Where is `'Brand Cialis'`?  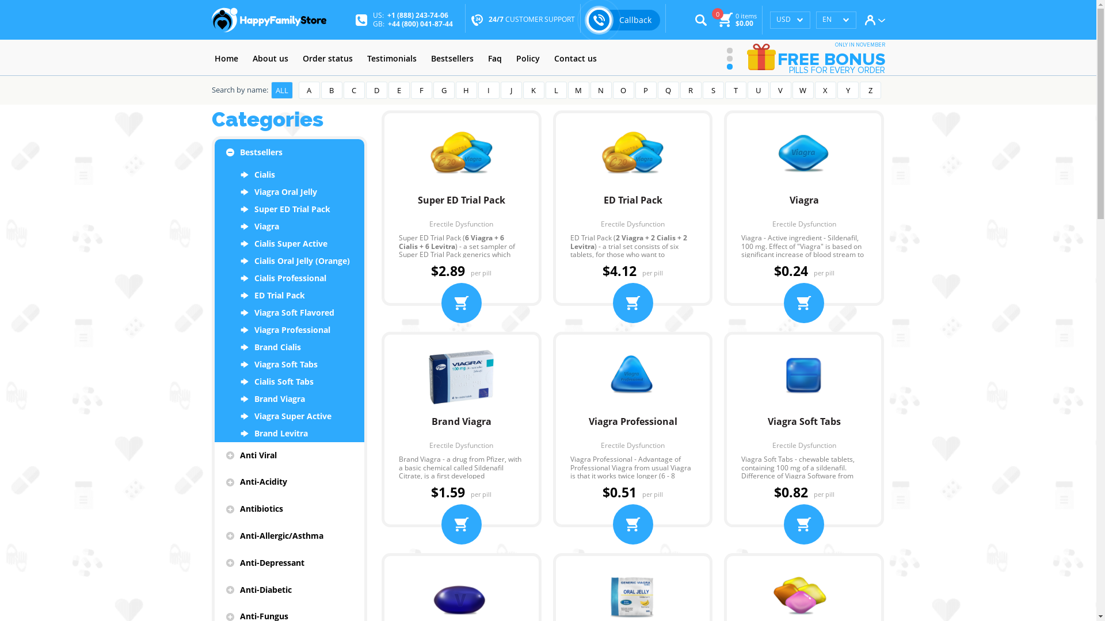
'Brand Cialis' is located at coordinates (289, 347).